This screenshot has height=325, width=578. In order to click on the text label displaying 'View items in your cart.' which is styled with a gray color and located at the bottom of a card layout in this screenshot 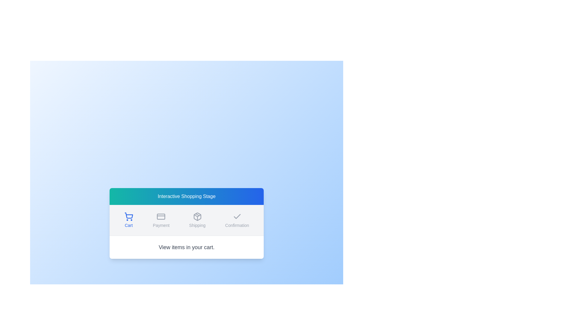, I will do `click(186, 247)`.